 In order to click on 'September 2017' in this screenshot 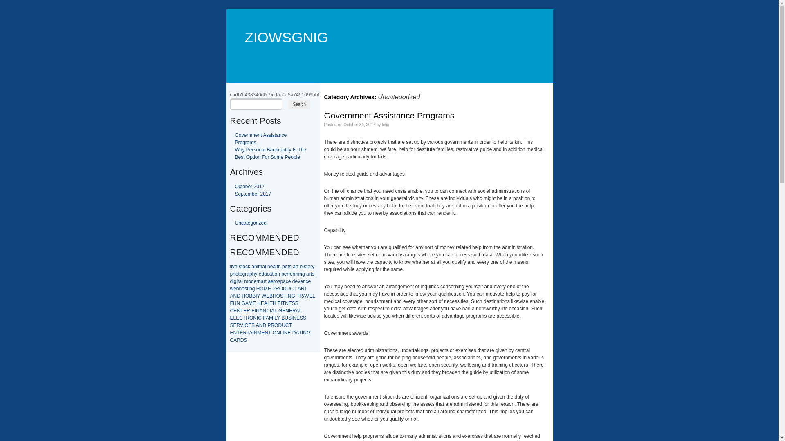, I will do `click(252, 194)`.